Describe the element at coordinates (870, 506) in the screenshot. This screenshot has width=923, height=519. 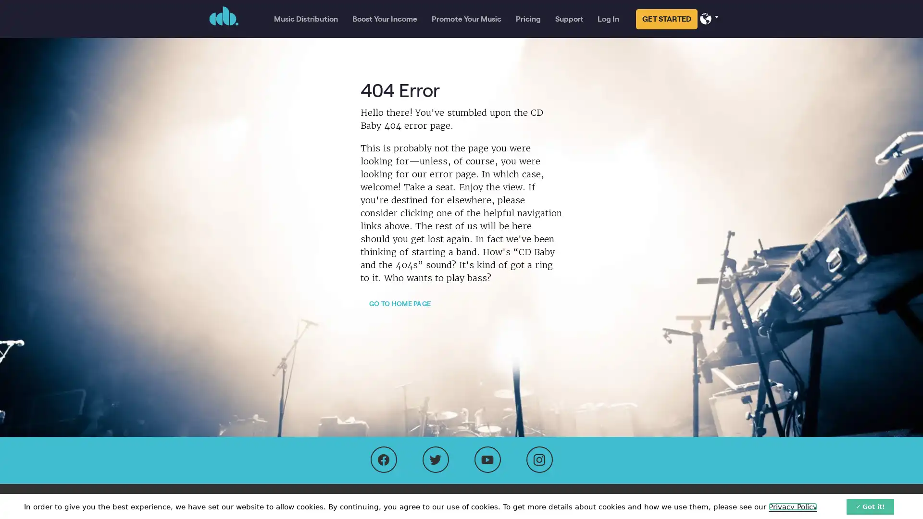
I see `Got it!` at that location.